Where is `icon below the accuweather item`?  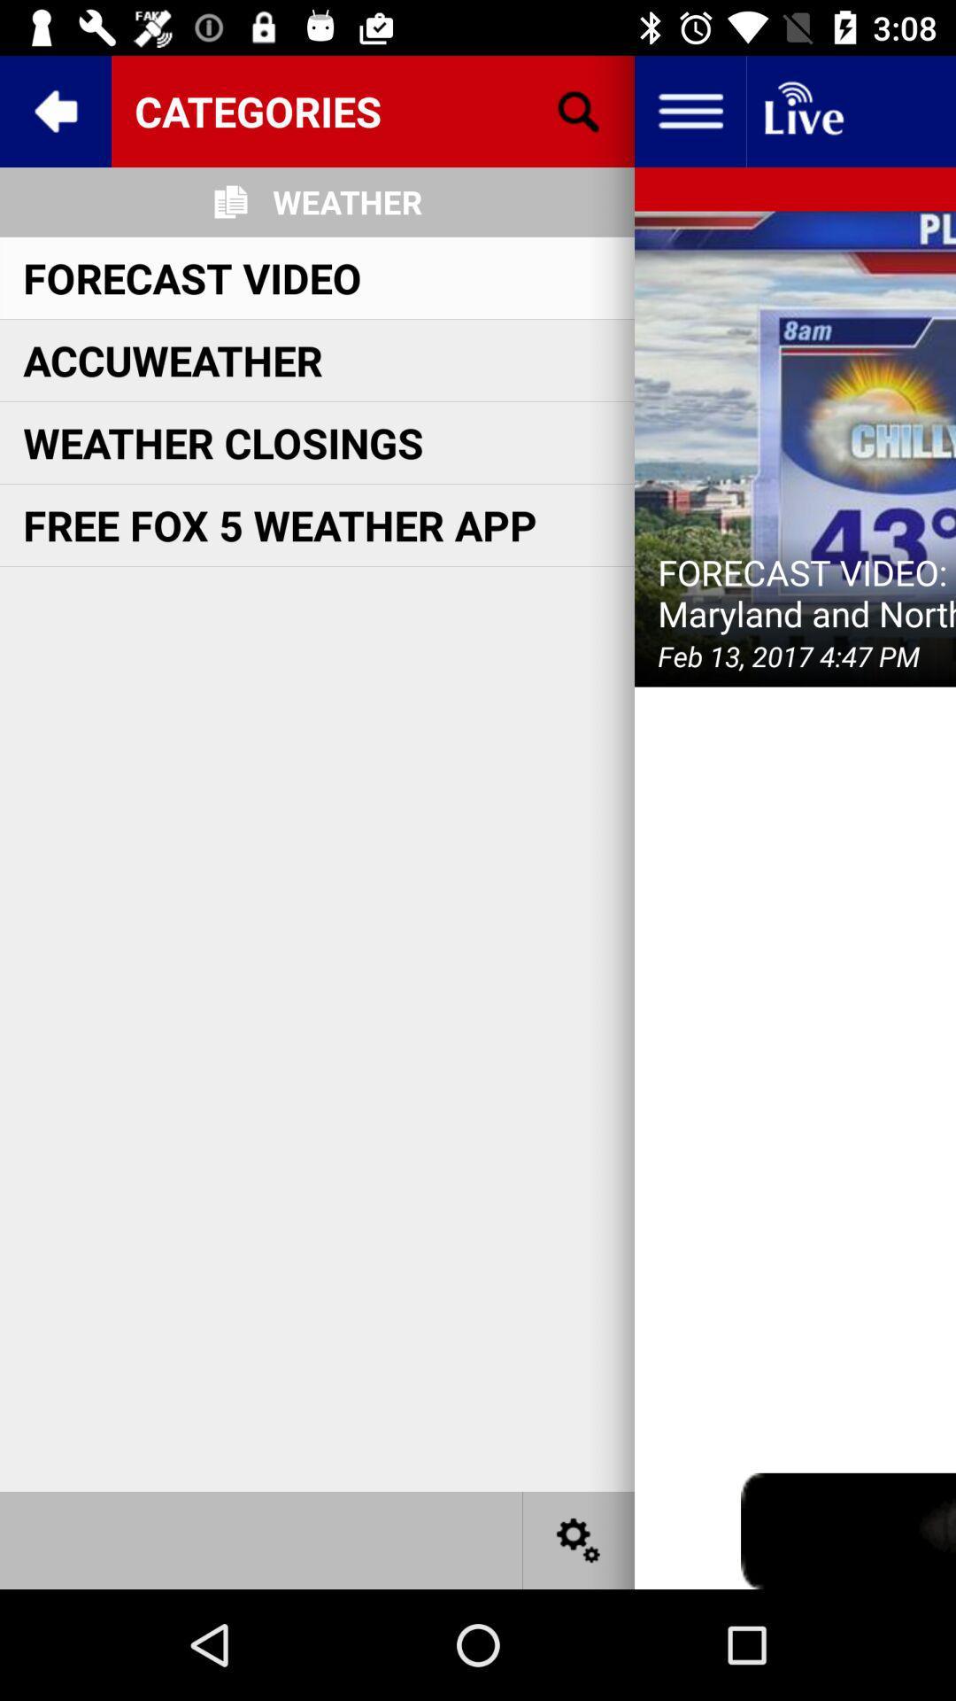 icon below the accuweather item is located at coordinates (222, 442).